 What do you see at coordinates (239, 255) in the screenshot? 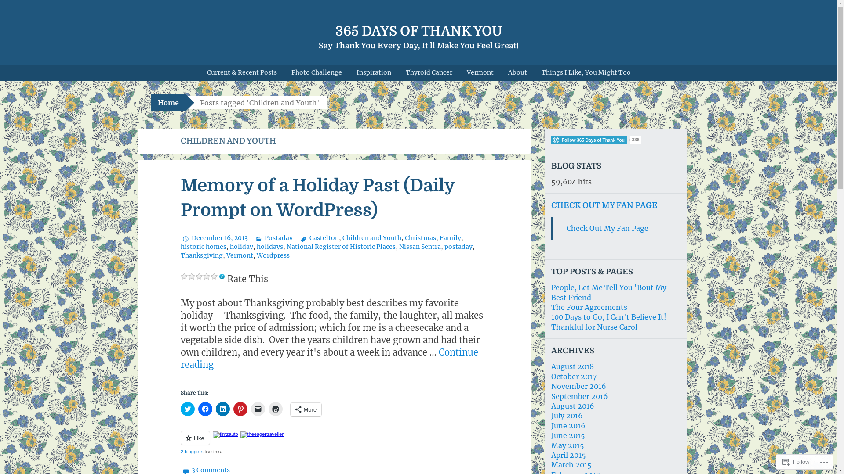
I see `'Vermont'` at bounding box center [239, 255].